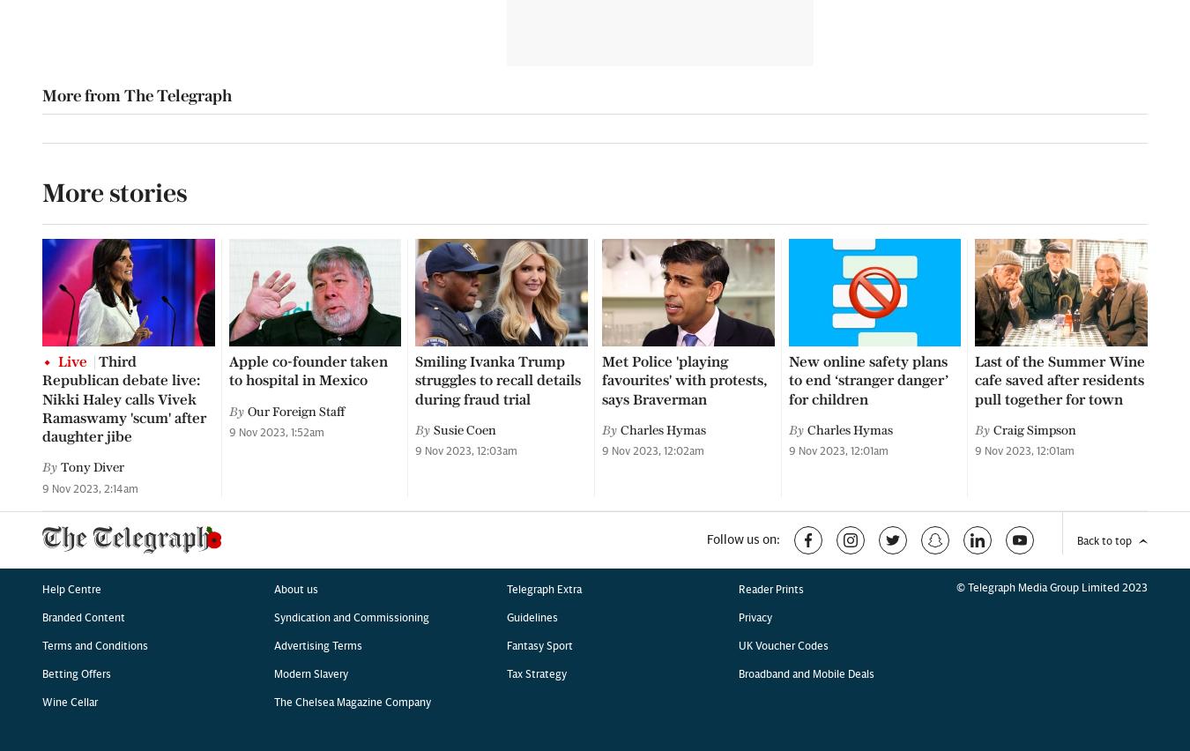  I want to click on 'Wine Cellar', so click(69, 212).